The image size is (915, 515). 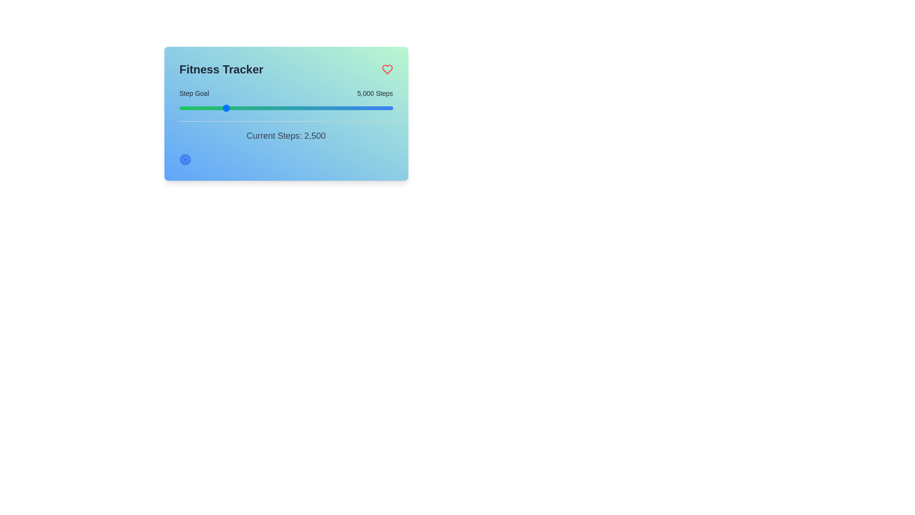 What do you see at coordinates (185, 159) in the screenshot?
I see `the target icon located at the bottom-left of the component` at bounding box center [185, 159].